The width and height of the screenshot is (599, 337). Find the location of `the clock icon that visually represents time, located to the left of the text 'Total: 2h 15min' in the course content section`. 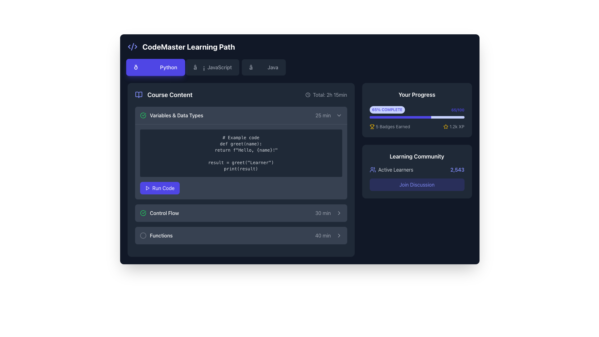

the clock icon that visually represents time, located to the left of the text 'Total: 2h 15min' in the course content section is located at coordinates (308, 95).